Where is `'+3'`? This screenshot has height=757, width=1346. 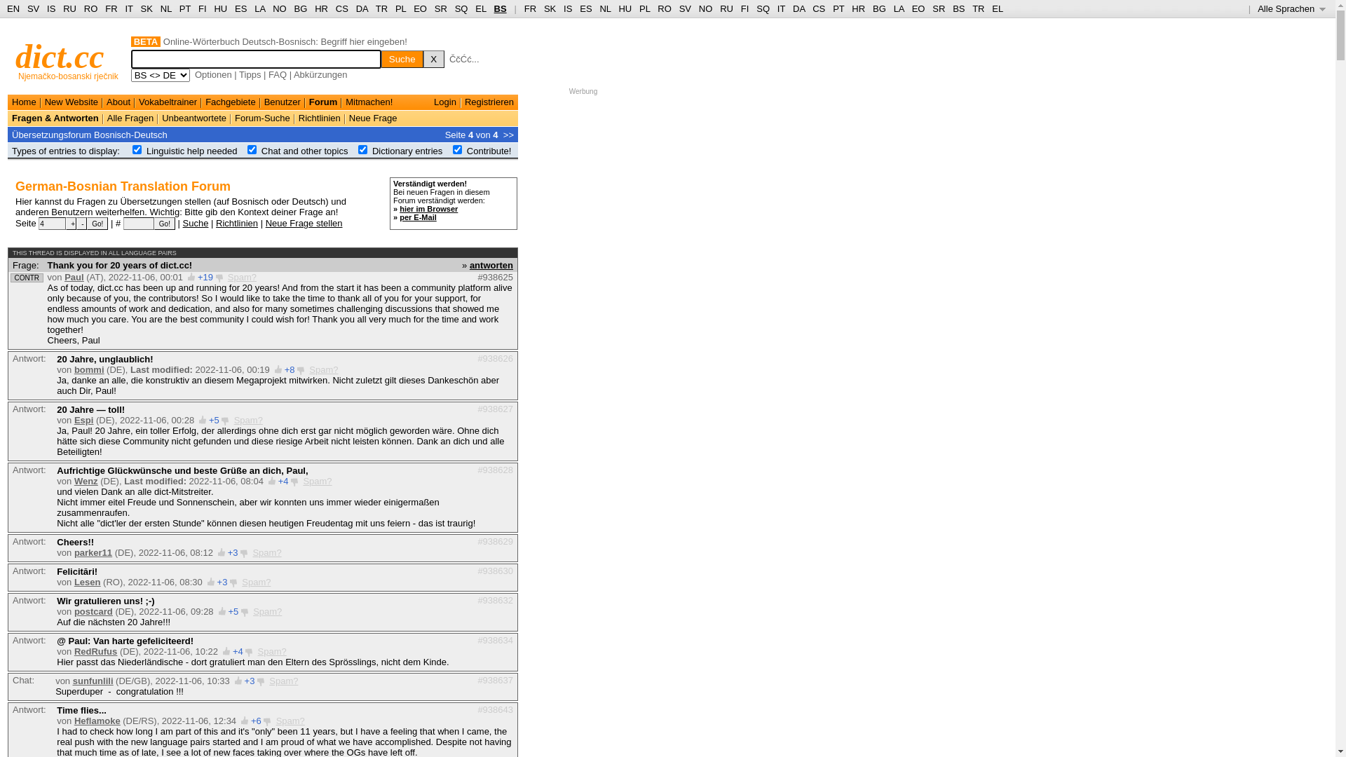
'+3' is located at coordinates (217, 582).